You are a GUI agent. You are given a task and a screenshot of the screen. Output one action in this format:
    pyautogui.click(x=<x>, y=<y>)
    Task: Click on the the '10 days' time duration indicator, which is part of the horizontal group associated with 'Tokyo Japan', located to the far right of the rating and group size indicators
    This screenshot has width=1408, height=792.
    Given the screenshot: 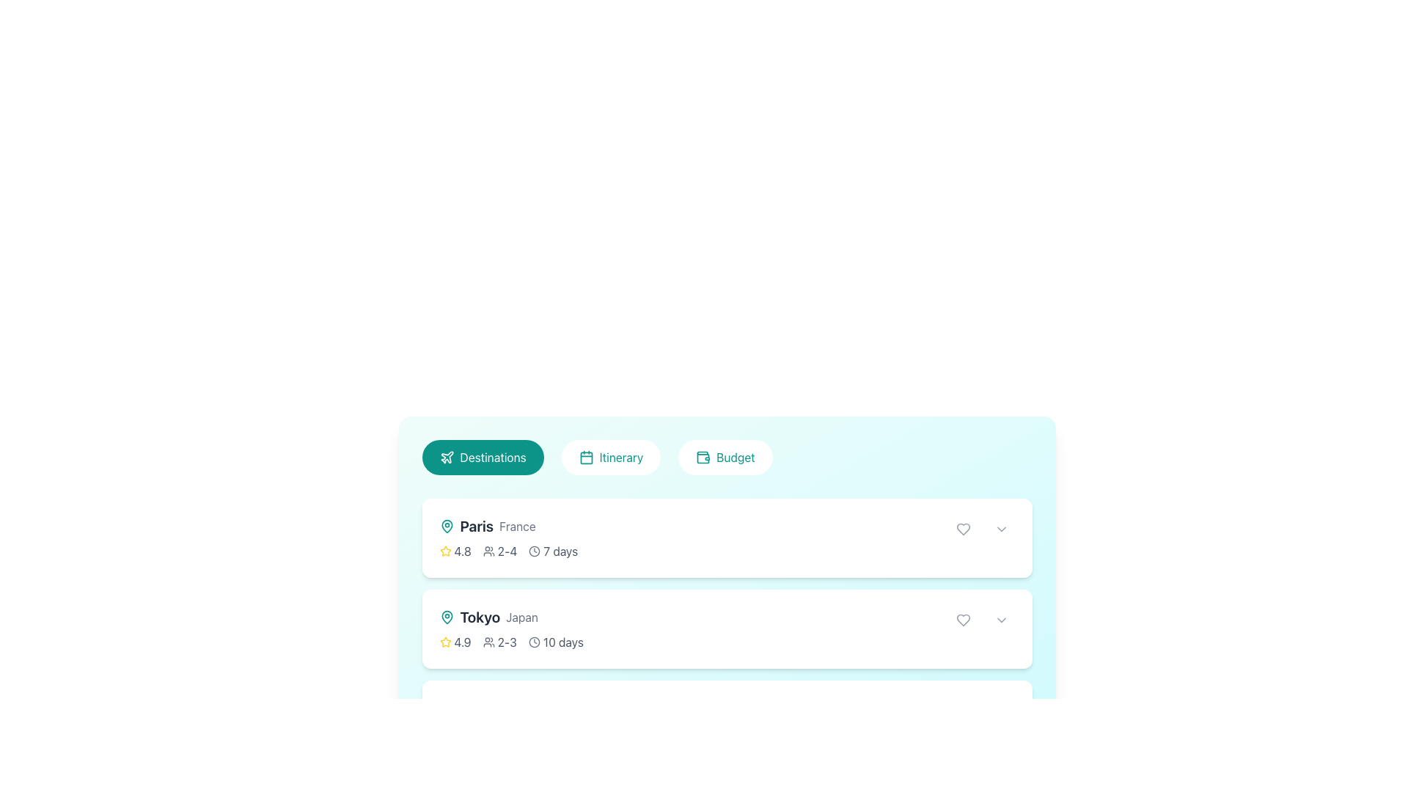 What is the action you would take?
    pyautogui.click(x=555, y=641)
    